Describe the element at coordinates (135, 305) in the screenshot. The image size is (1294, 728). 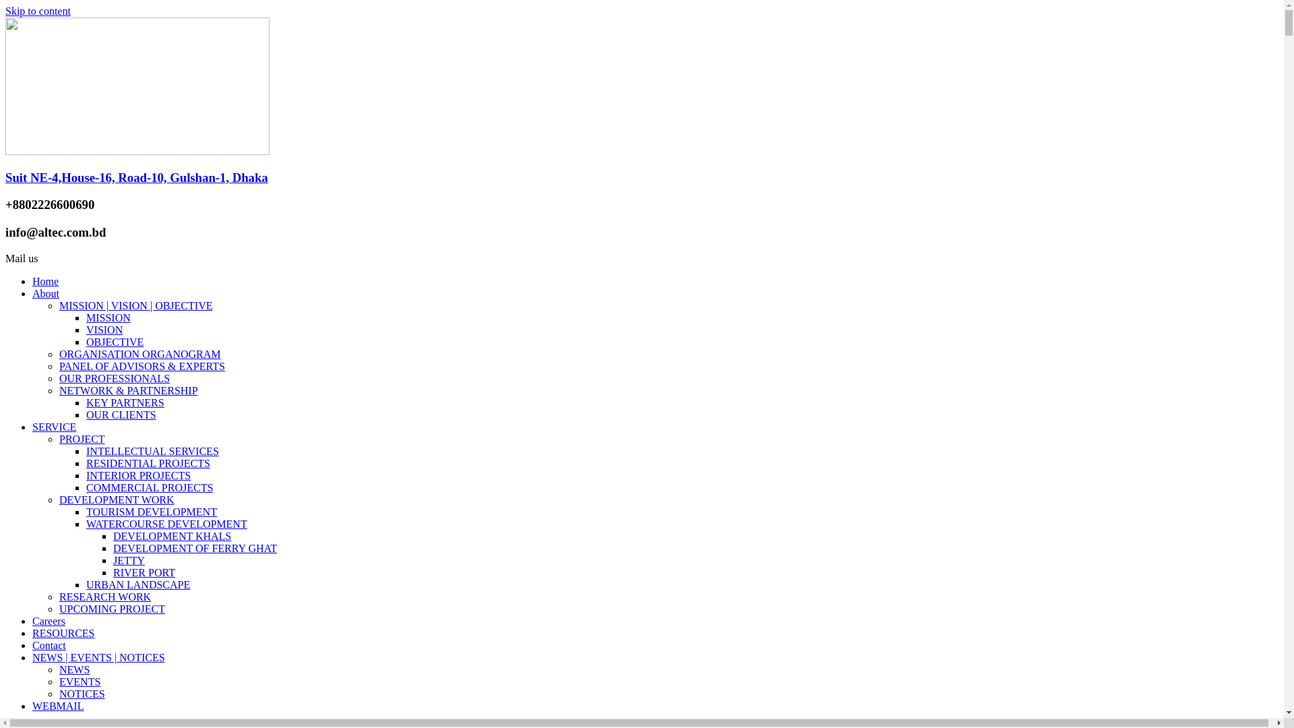
I see `'MISSION | VISION | OBJECTIVE'` at that location.